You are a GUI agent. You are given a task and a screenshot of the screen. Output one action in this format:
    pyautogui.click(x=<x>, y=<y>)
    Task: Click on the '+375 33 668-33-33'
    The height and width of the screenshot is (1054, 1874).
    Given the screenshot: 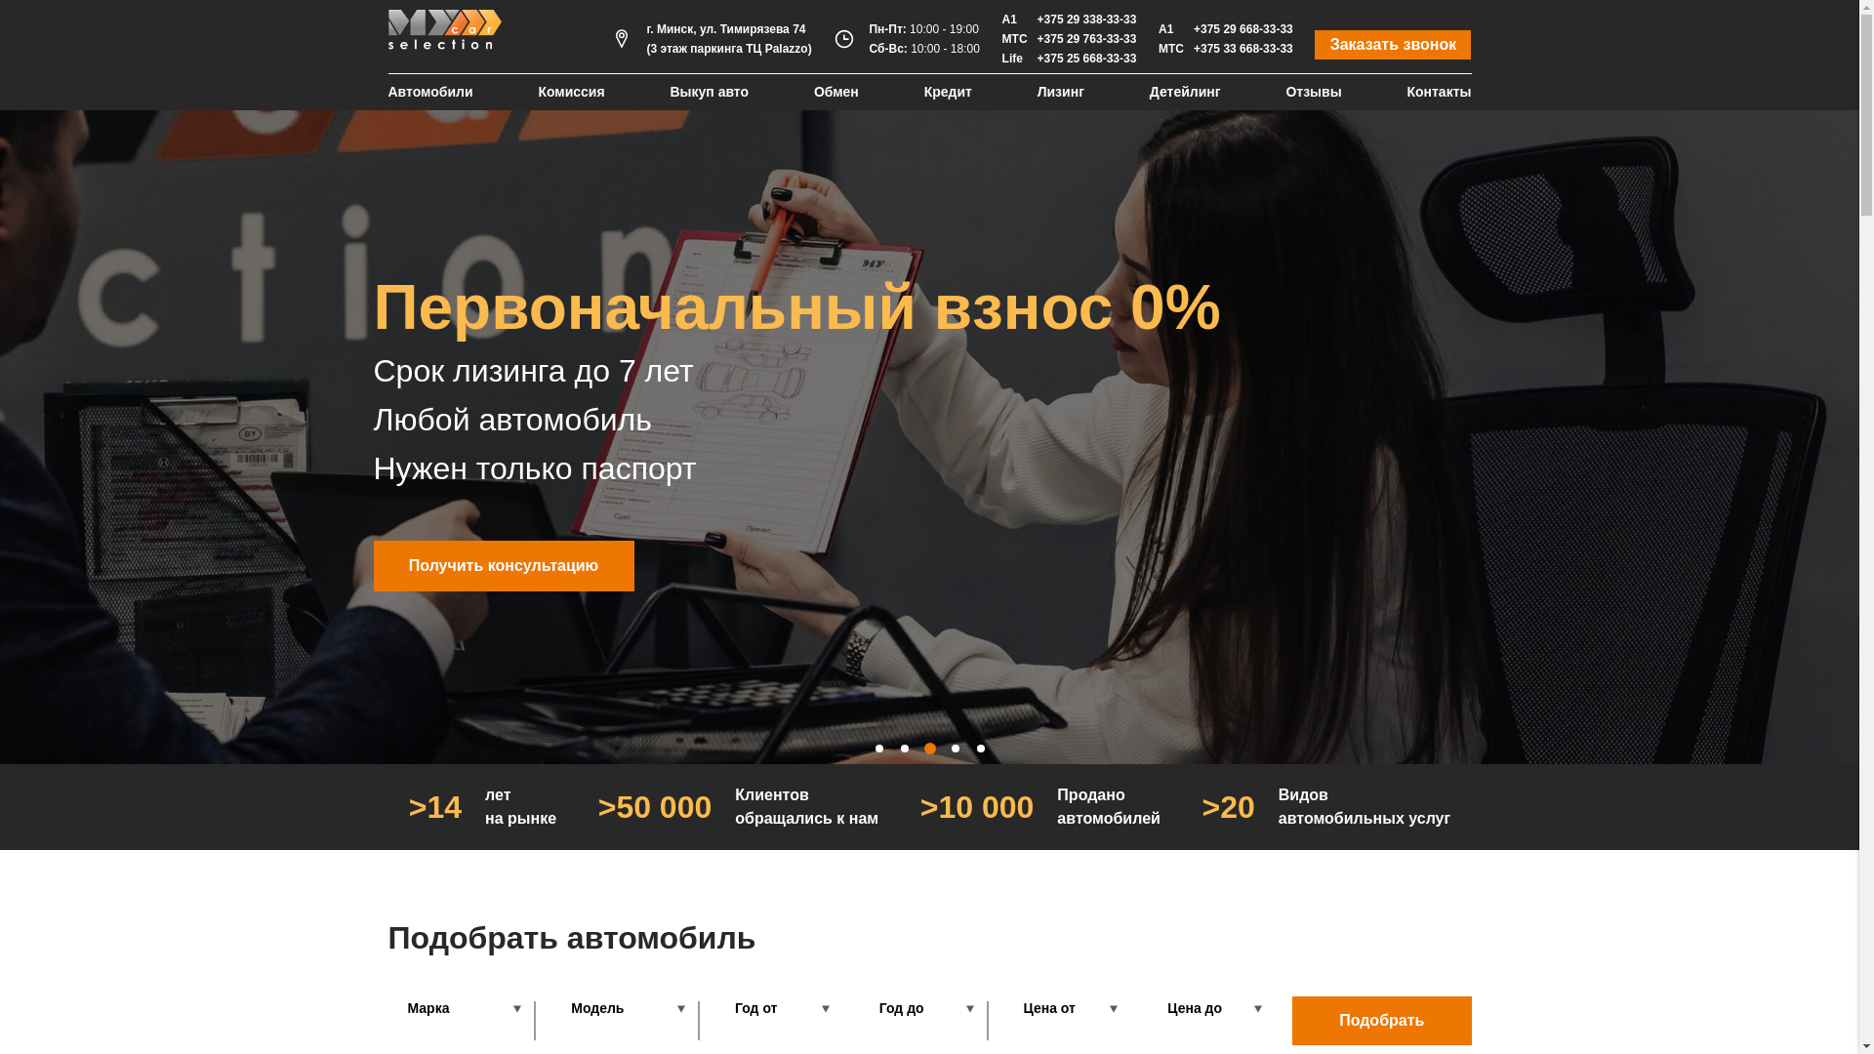 What is the action you would take?
    pyautogui.click(x=1242, y=48)
    